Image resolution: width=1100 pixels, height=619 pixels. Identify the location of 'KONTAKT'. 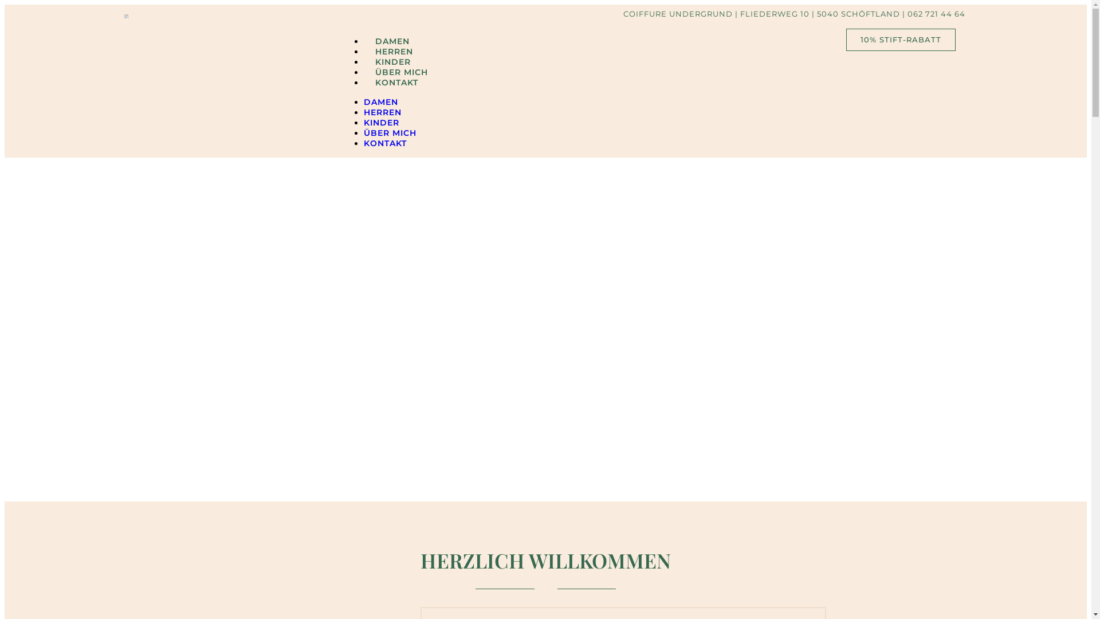
(385, 143).